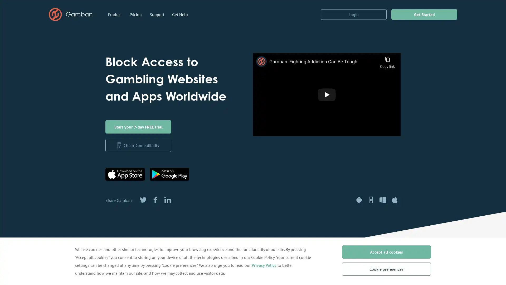  I want to click on Get Started, so click(424, 14).